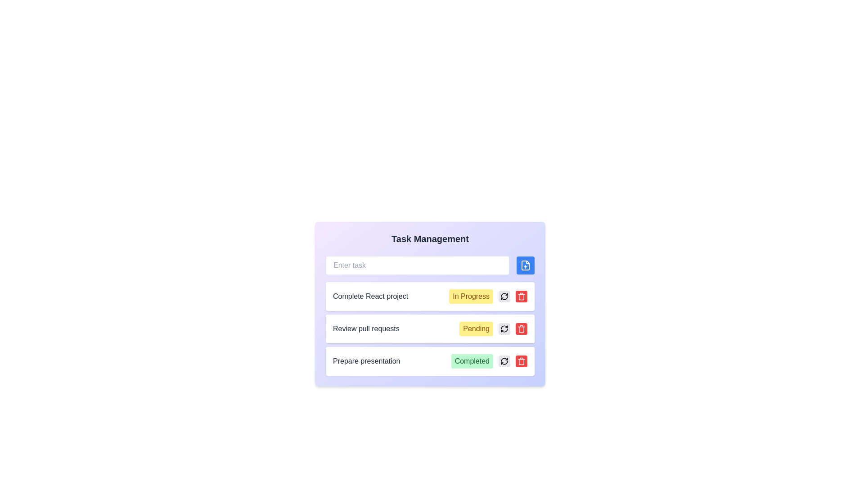 The width and height of the screenshot is (864, 486). What do you see at coordinates (504, 297) in the screenshot?
I see `the circular gray button with a black refresh icon located in the first row of tasks, next to the 'In Progress' status label` at bounding box center [504, 297].